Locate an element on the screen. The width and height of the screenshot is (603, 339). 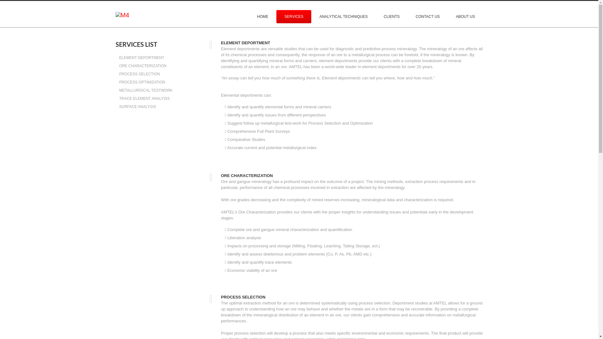
'METALLURGICAL TESTWORK' is located at coordinates (119, 90).